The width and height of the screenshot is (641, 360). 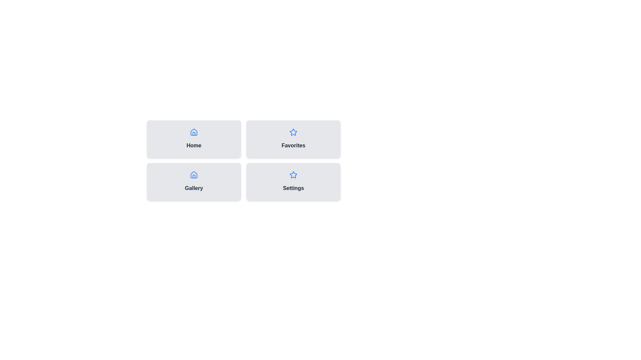 I want to click on the star icon representing 'Favorites' located in the top-right region of the Favorites card, so click(x=293, y=132).